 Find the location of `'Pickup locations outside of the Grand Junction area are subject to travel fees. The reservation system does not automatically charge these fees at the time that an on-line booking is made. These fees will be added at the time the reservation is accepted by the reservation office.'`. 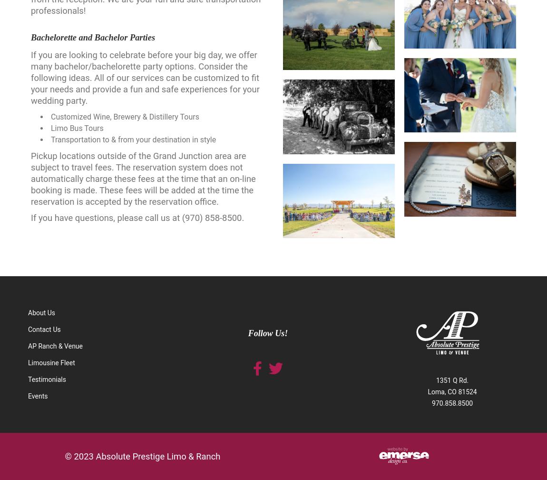

'Pickup locations outside of the Grand Junction area are subject to travel fees. The reservation system does not automatically charge these fees at the time that an on-line booking is made. These fees will be added at the time the reservation is accepted by the reservation office.' is located at coordinates (143, 179).